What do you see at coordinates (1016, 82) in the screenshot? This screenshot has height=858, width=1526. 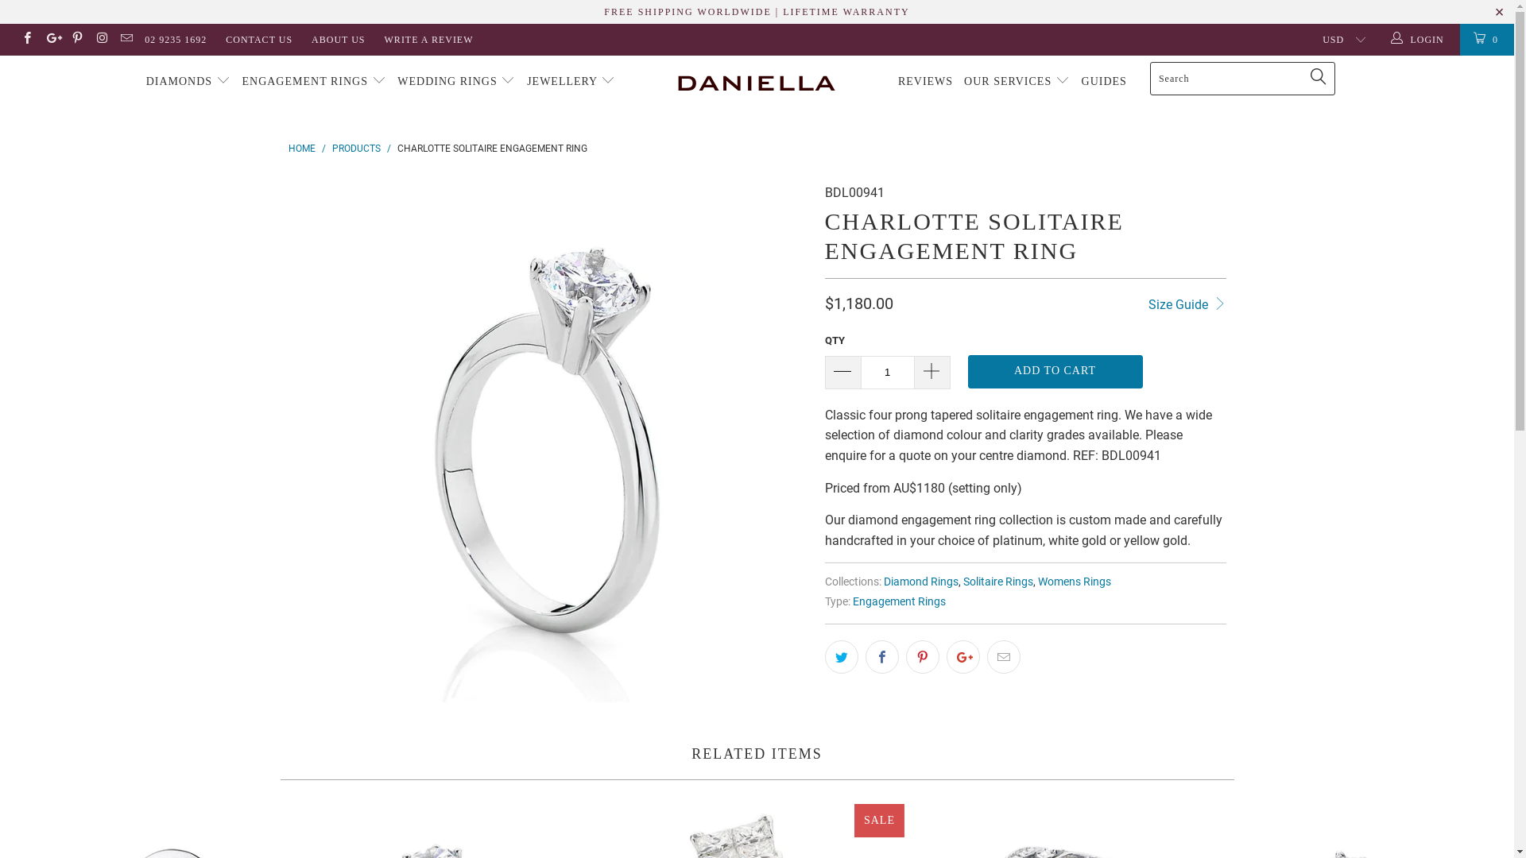 I see `'OUR SERVICES'` at bounding box center [1016, 82].